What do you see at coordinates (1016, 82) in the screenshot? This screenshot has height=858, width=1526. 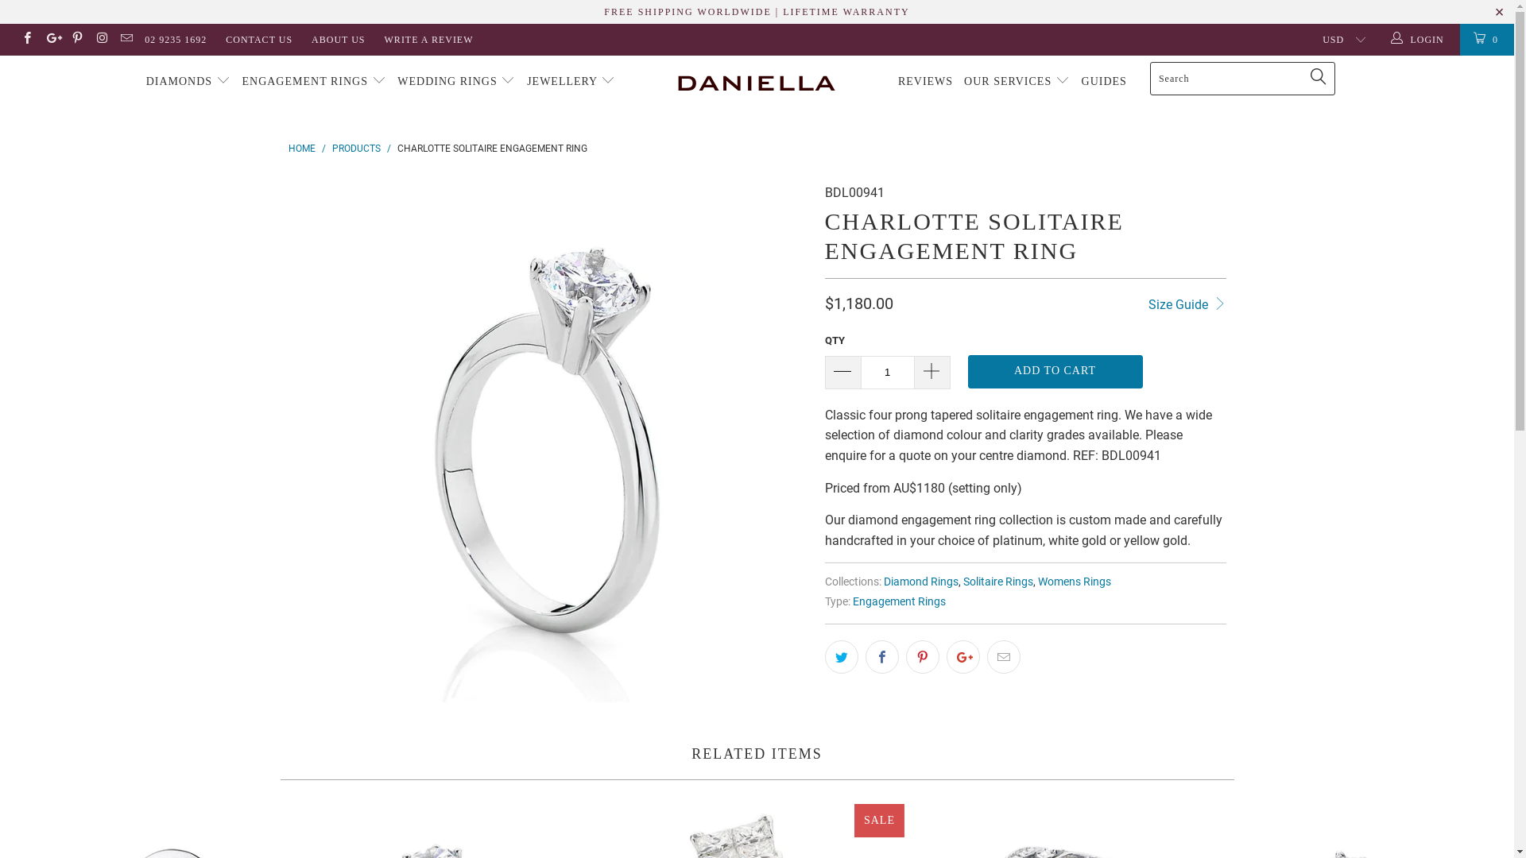 I see `'OUR SERVICES'` at bounding box center [1016, 82].